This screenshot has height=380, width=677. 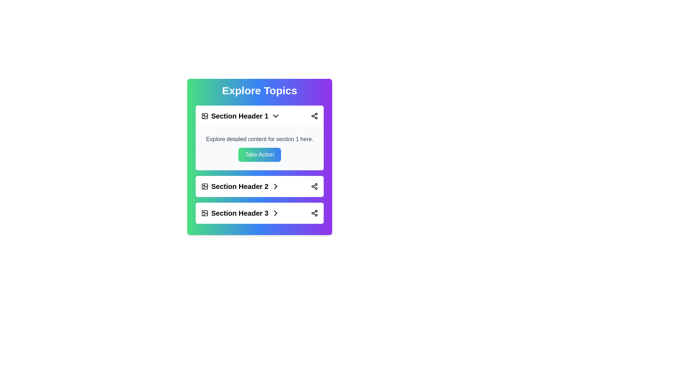 I want to click on the Interactive Header labeled 'Section Header 3', so click(x=259, y=213).